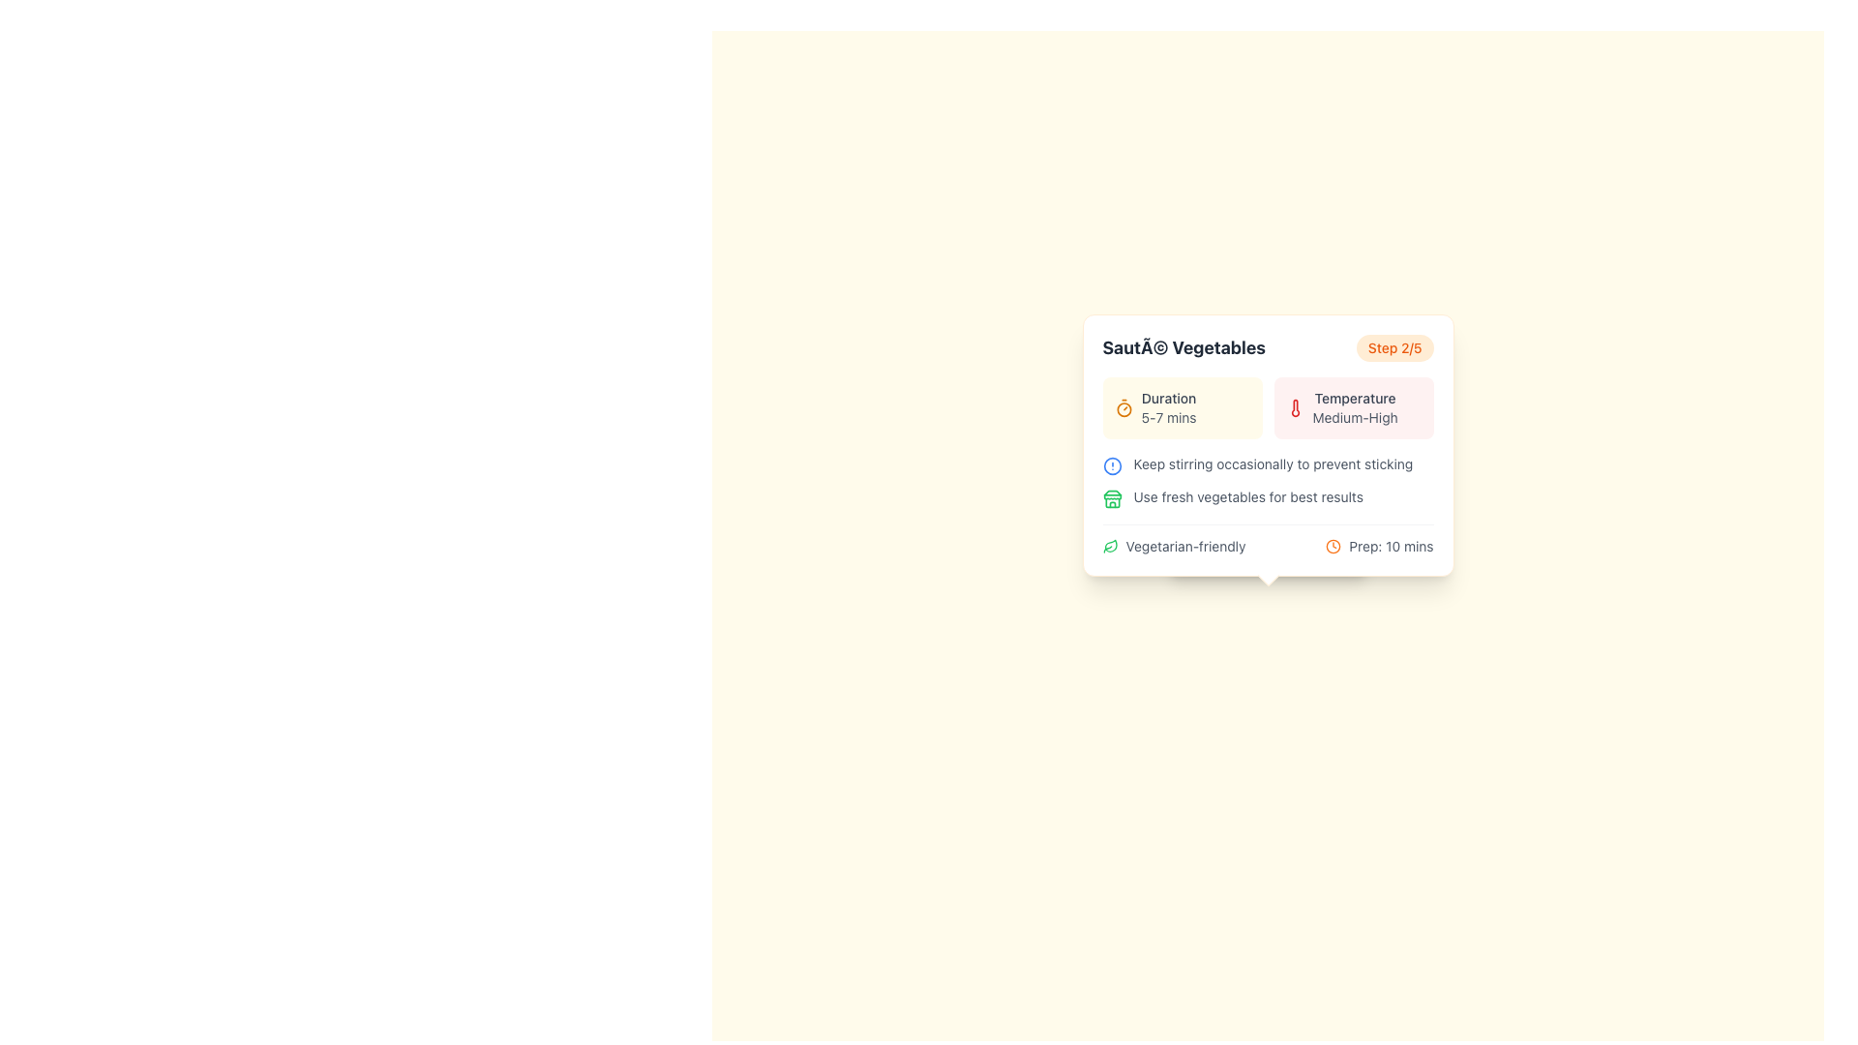 This screenshot has height=1045, width=1858. I want to click on the text label displaying preparation time information located to the right of the clock icon in the recipe card's footer section, so click(1390, 546).